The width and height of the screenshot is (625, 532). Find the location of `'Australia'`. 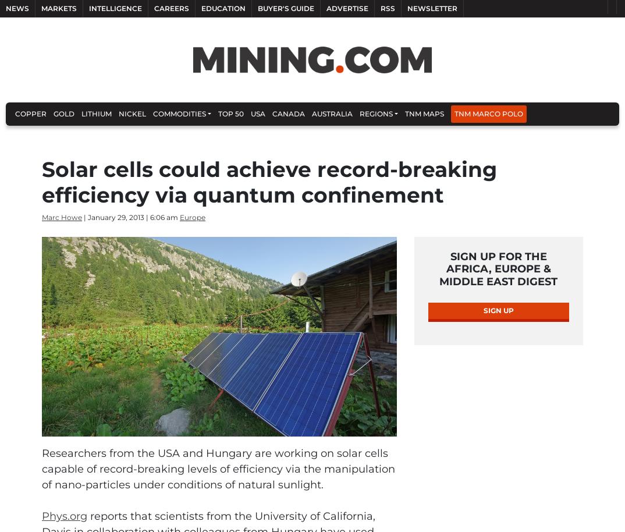

'Australia' is located at coordinates (332, 114).